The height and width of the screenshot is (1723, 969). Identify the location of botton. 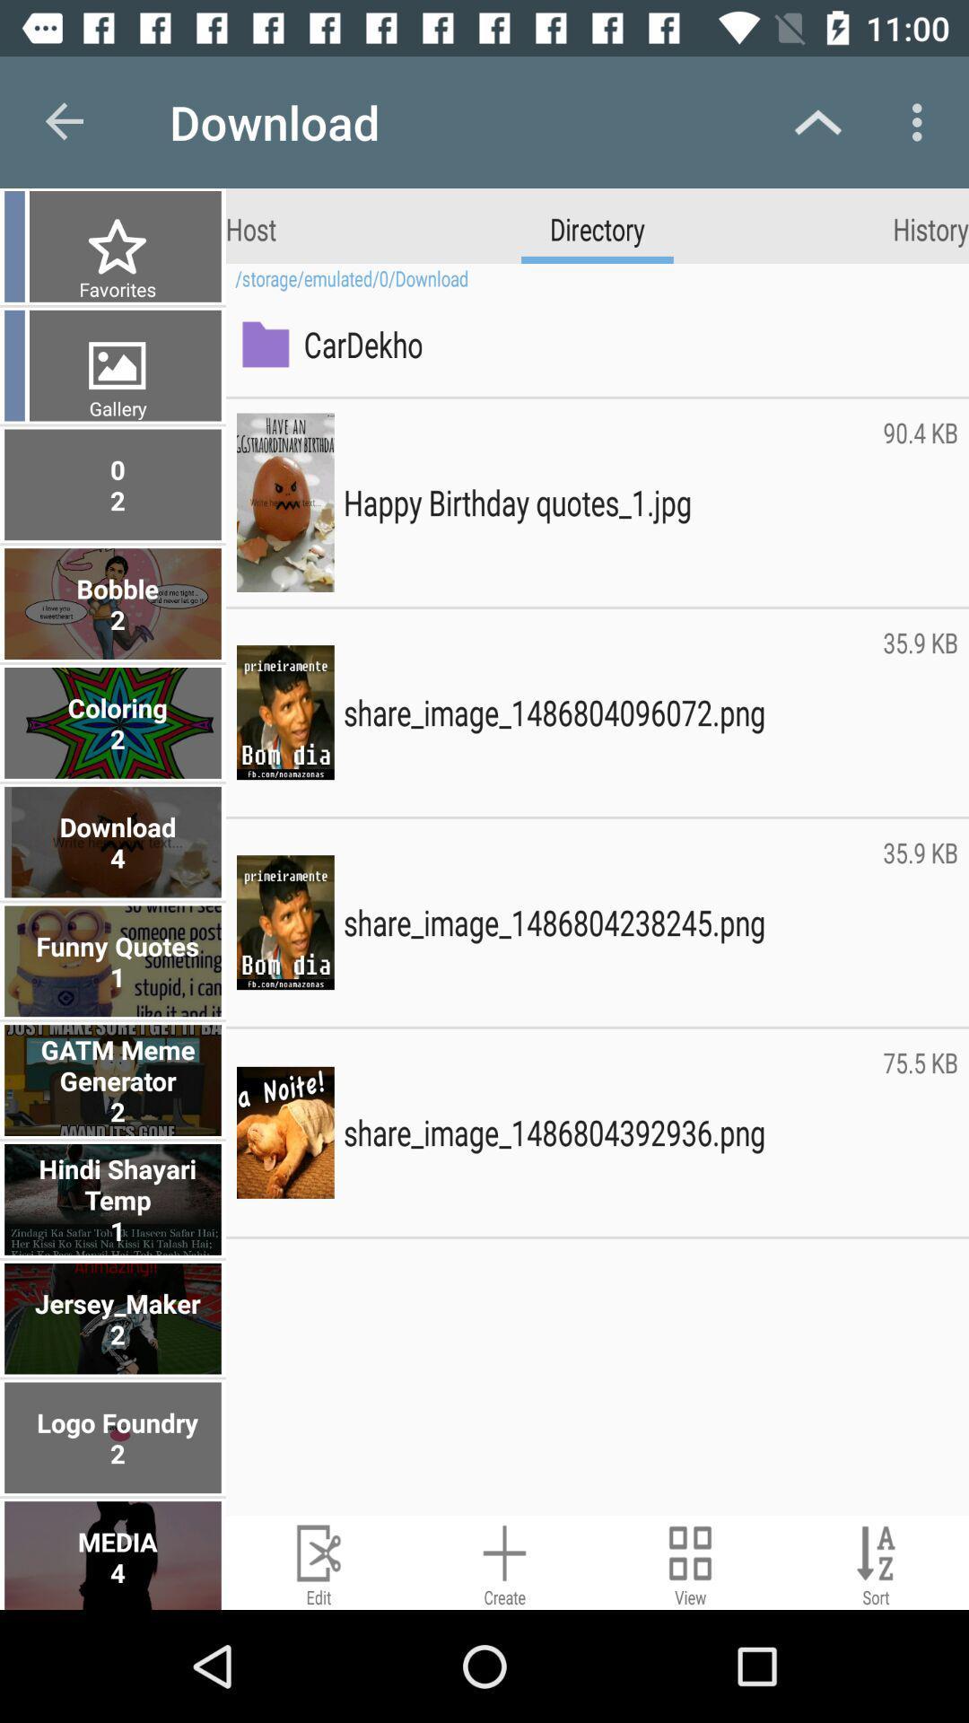
(689, 1561).